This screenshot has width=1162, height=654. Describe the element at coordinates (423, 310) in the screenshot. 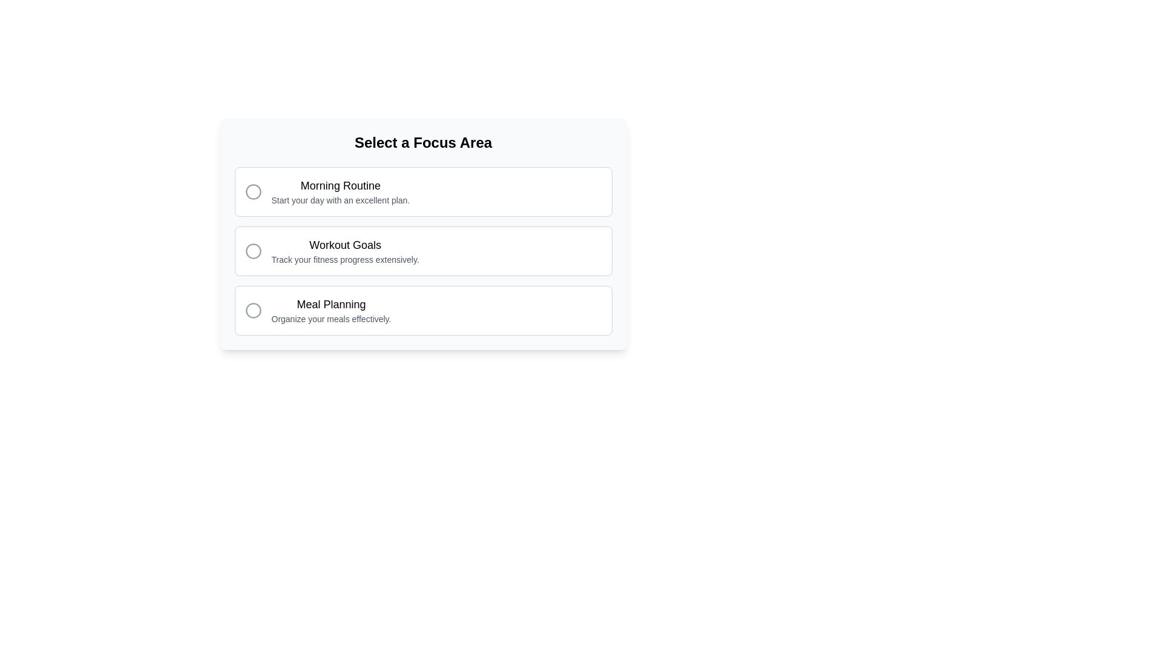

I see `the 'Meal Planning' radio button option by navigating to it` at that location.